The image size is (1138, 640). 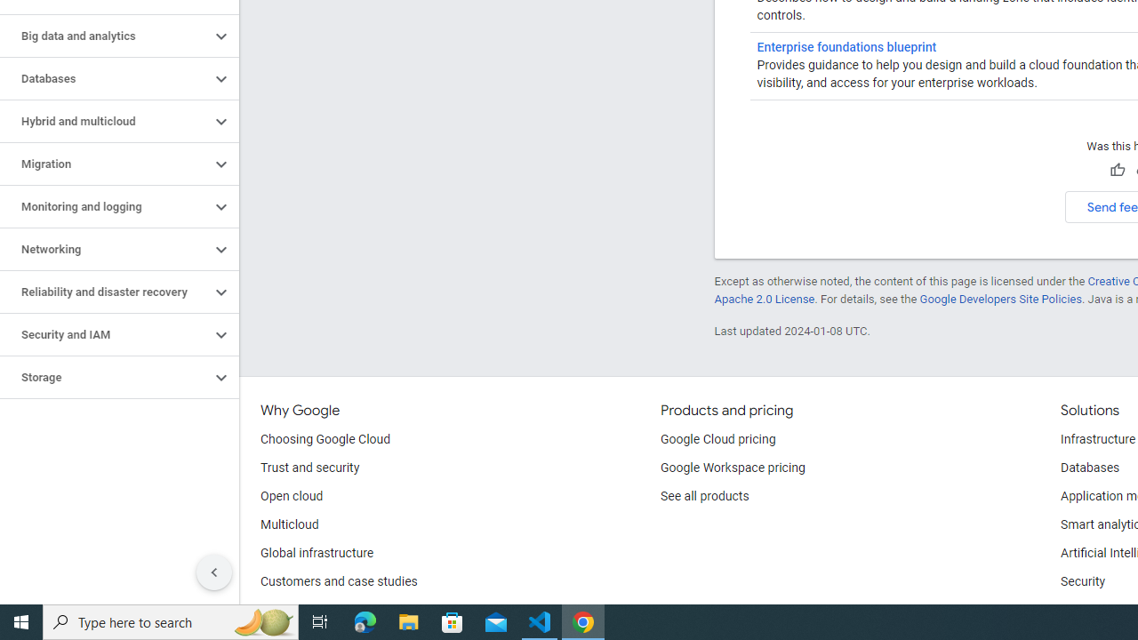 What do you see at coordinates (309, 468) in the screenshot?
I see `'Trust and security'` at bounding box center [309, 468].